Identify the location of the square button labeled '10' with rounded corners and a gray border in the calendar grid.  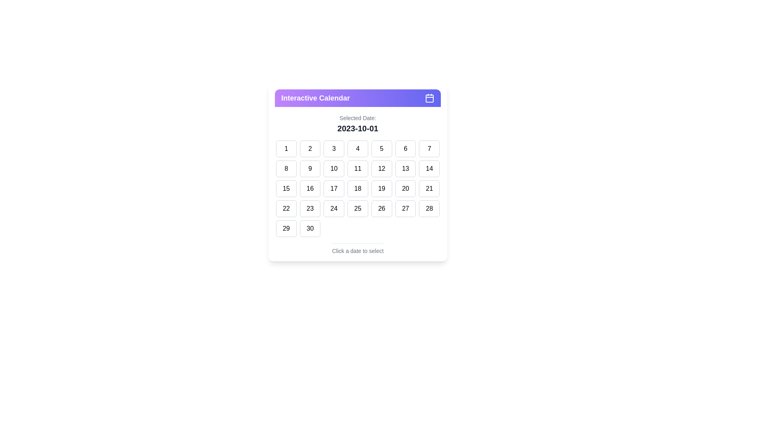
(334, 168).